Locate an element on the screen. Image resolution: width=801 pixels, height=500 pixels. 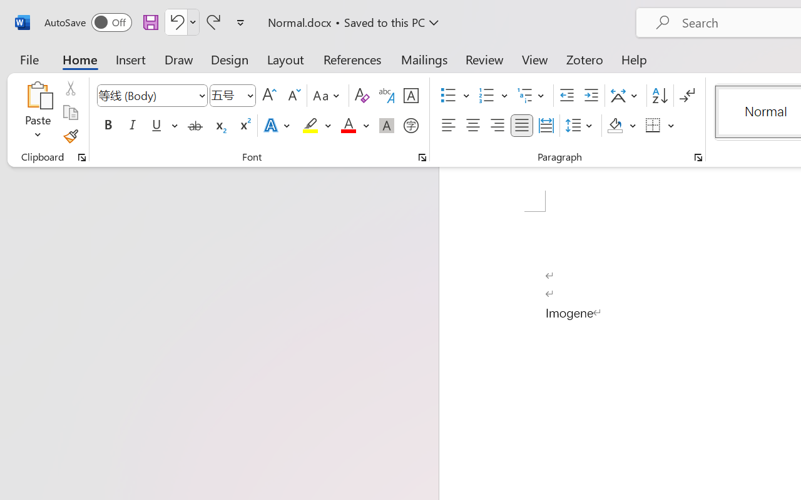
'Undo Typing' is located at coordinates (175, 21).